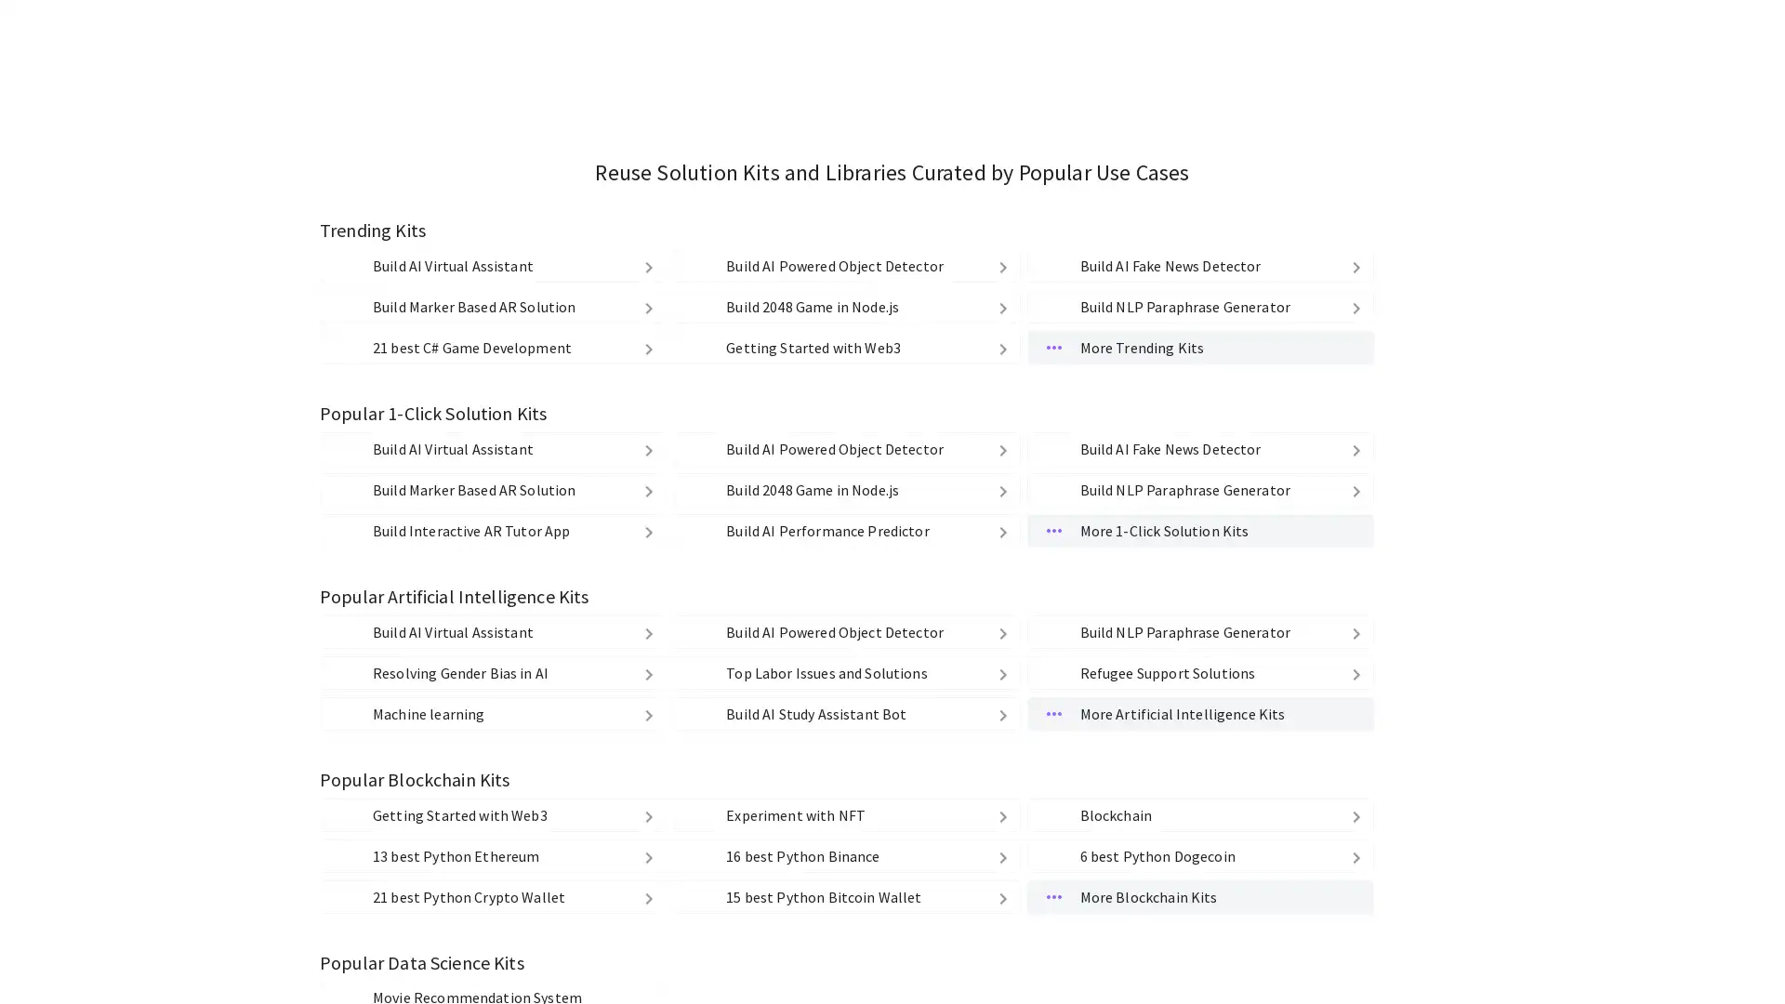 The width and height of the screenshot is (1785, 1004). Describe the element at coordinates (1199, 914) in the screenshot. I see `spotting-fake-news Build AI Fake News Detector` at that location.